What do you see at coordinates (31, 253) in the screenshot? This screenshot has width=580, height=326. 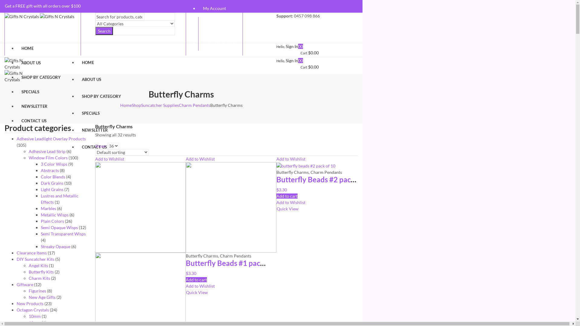 I see `'Clearance Items'` at bounding box center [31, 253].